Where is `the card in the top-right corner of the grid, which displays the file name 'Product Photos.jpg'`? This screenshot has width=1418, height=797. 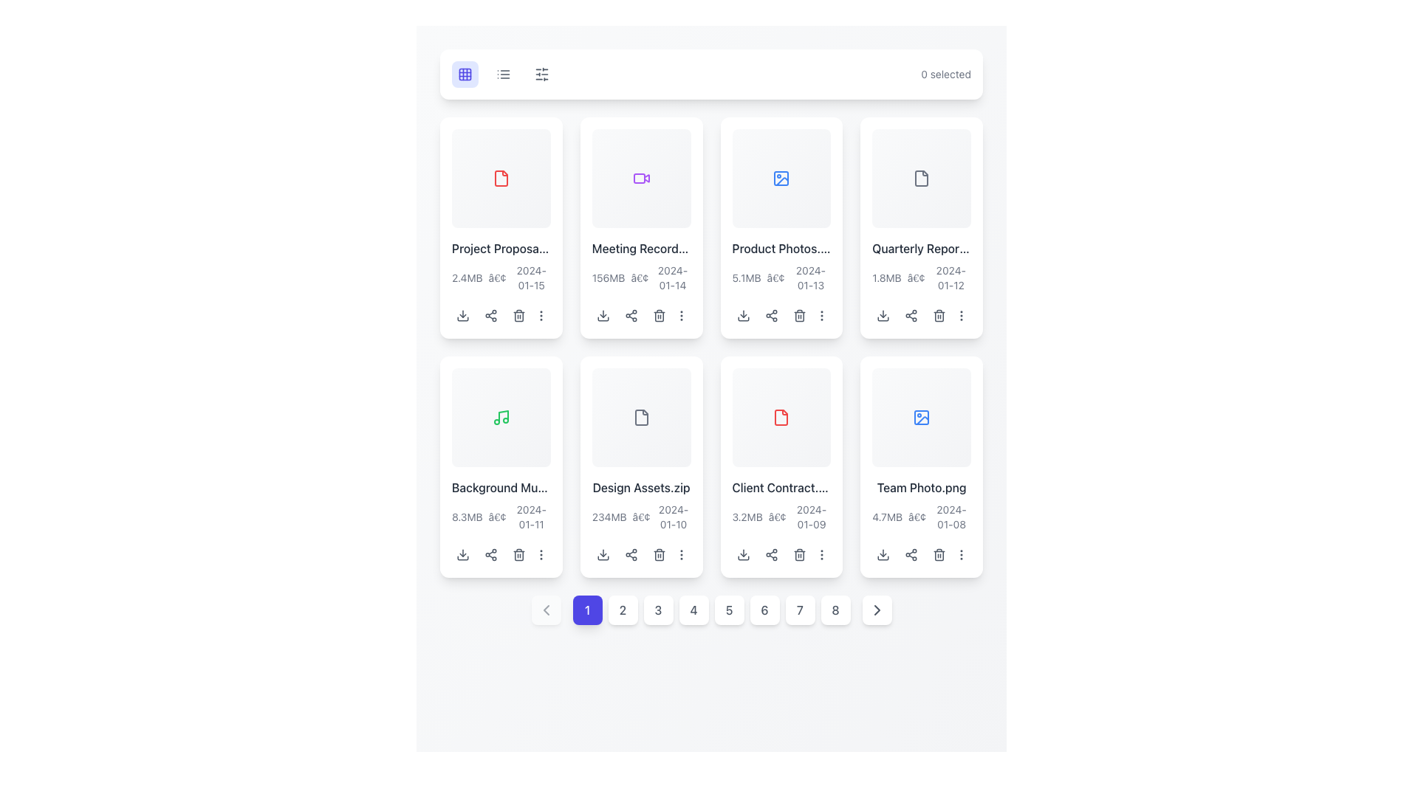
the card in the top-right corner of the grid, which displays the file name 'Product Photos.jpg' is located at coordinates (781, 227).